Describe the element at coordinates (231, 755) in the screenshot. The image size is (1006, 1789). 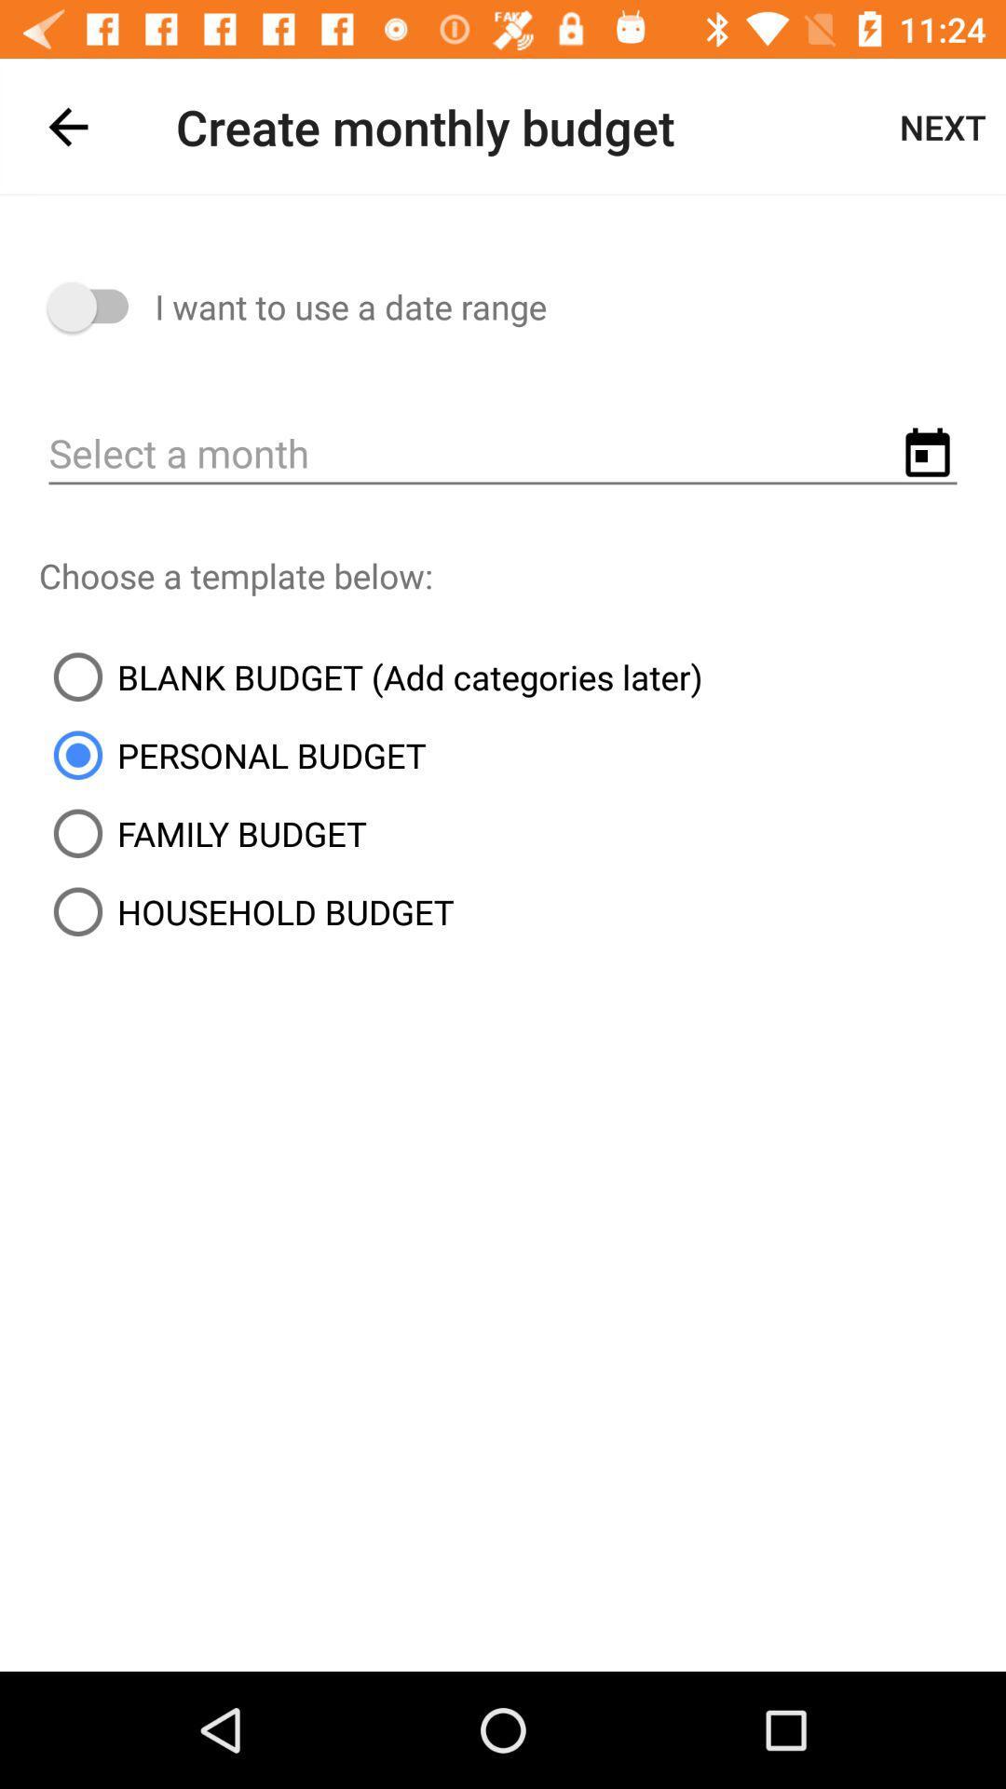
I see `icon below the blank budget add icon` at that location.